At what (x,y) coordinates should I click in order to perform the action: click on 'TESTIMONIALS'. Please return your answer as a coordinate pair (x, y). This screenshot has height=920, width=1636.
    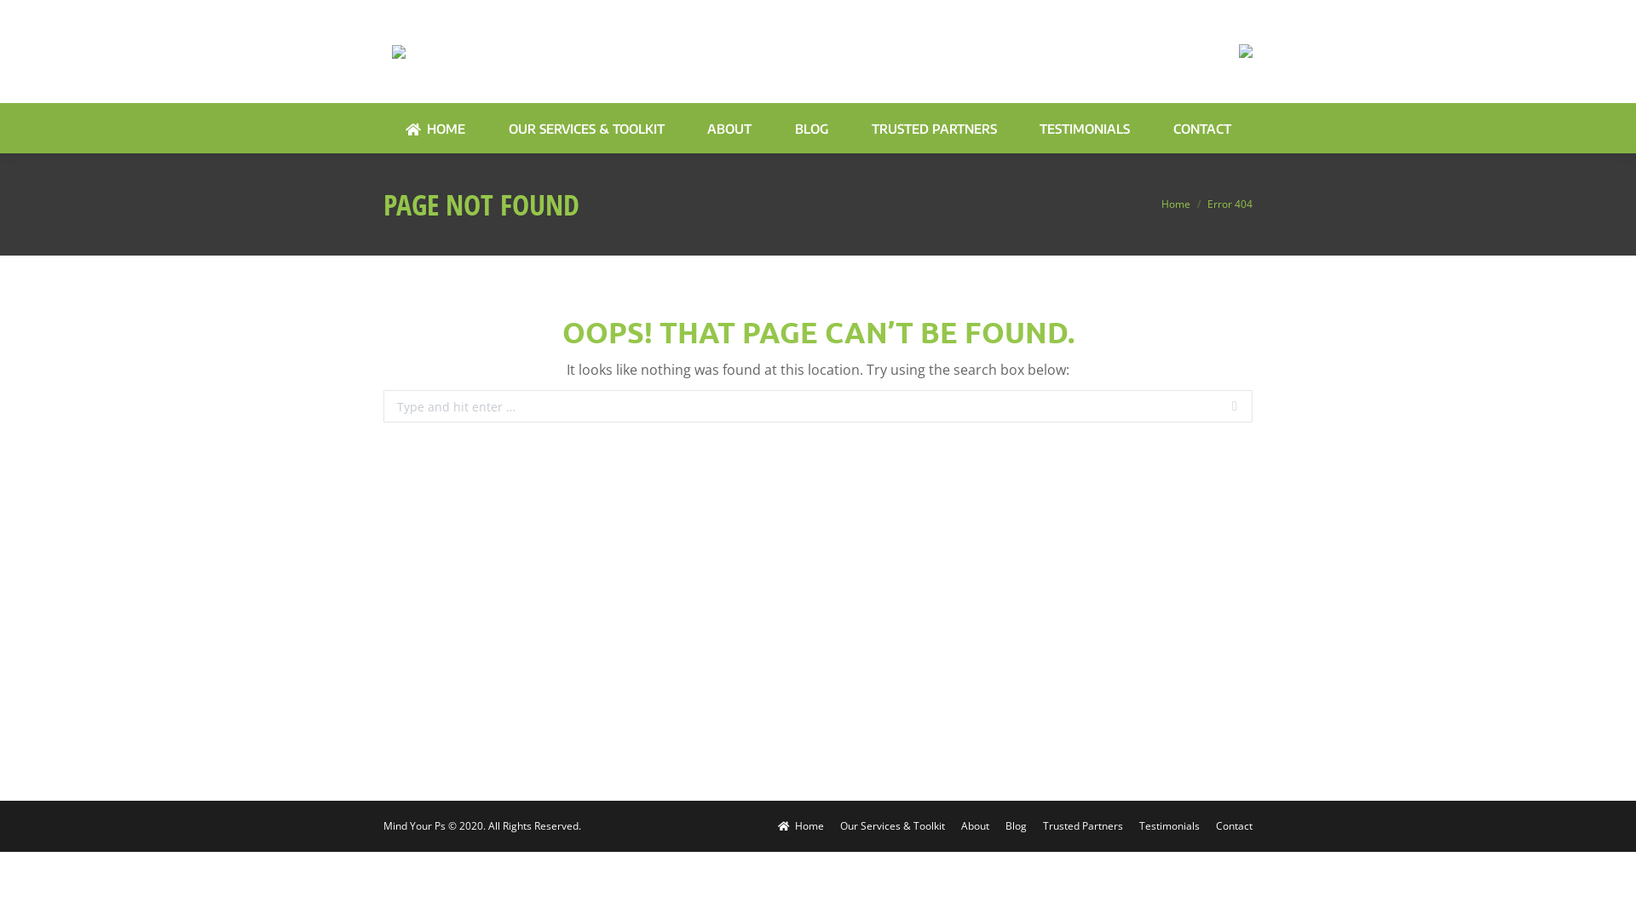
    Looking at the image, I should click on (1083, 128).